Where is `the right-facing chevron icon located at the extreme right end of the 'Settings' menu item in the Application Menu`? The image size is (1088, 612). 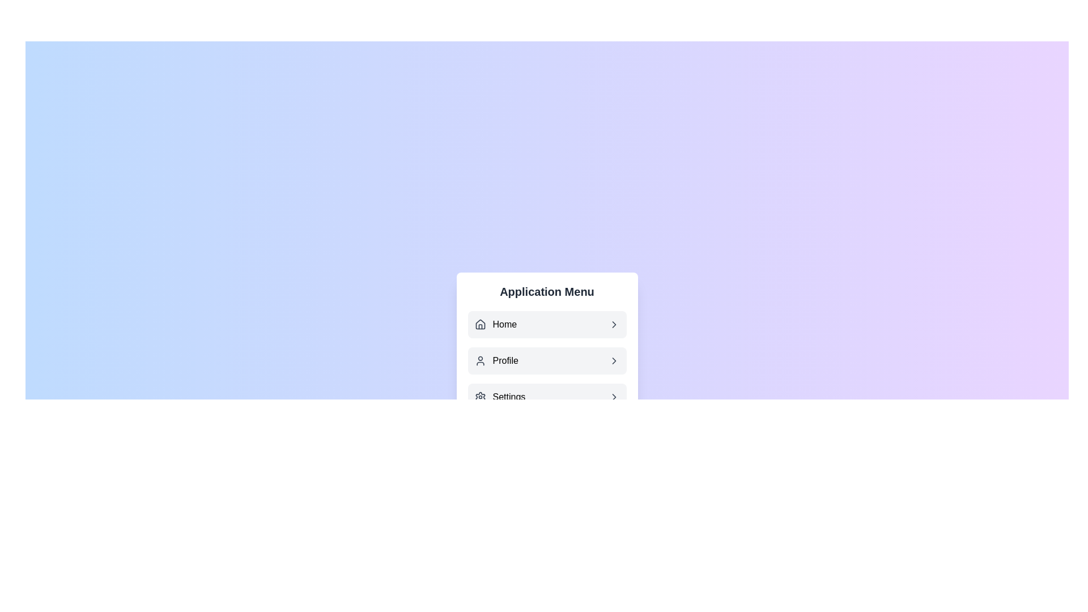
the right-facing chevron icon located at the extreme right end of the 'Settings' menu item in the Application Menu is located at coordinates (613, 397).